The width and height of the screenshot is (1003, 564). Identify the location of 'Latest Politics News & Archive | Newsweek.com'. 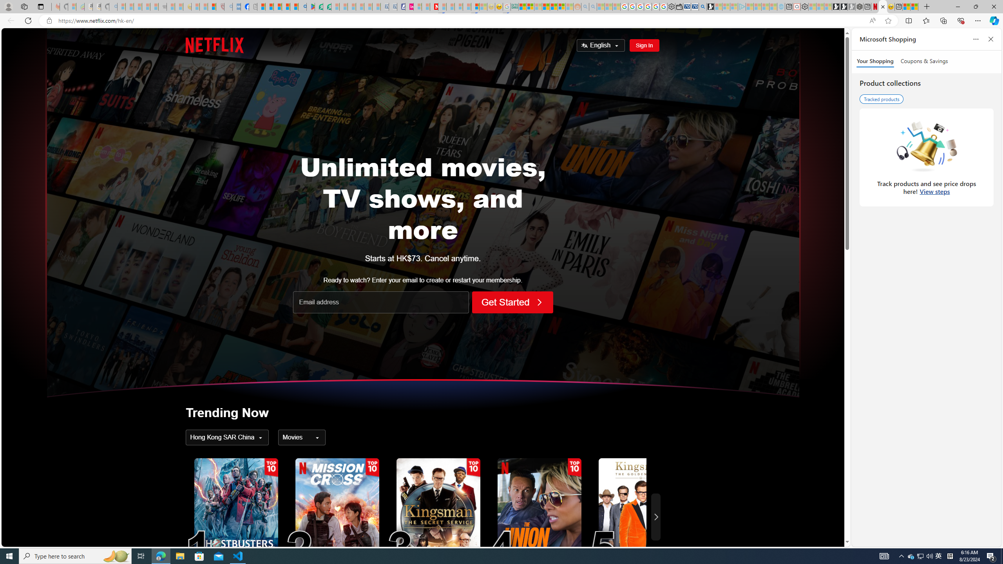
(433, 6).